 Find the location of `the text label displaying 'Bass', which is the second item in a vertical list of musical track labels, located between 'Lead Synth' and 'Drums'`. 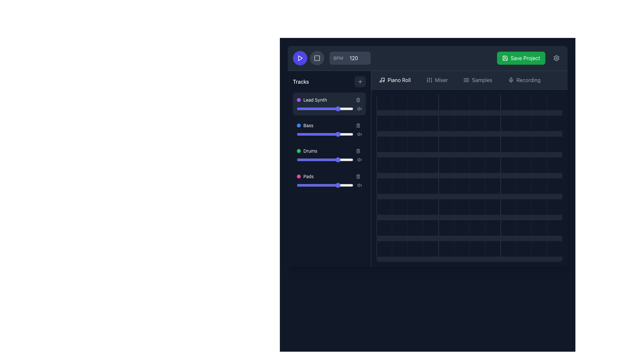

the text label displaying 'Bass', which is the second item in a vertical list of musical track labels, located between 'Lead Synth' and 'Drums' is located at coordinates (308, 126).